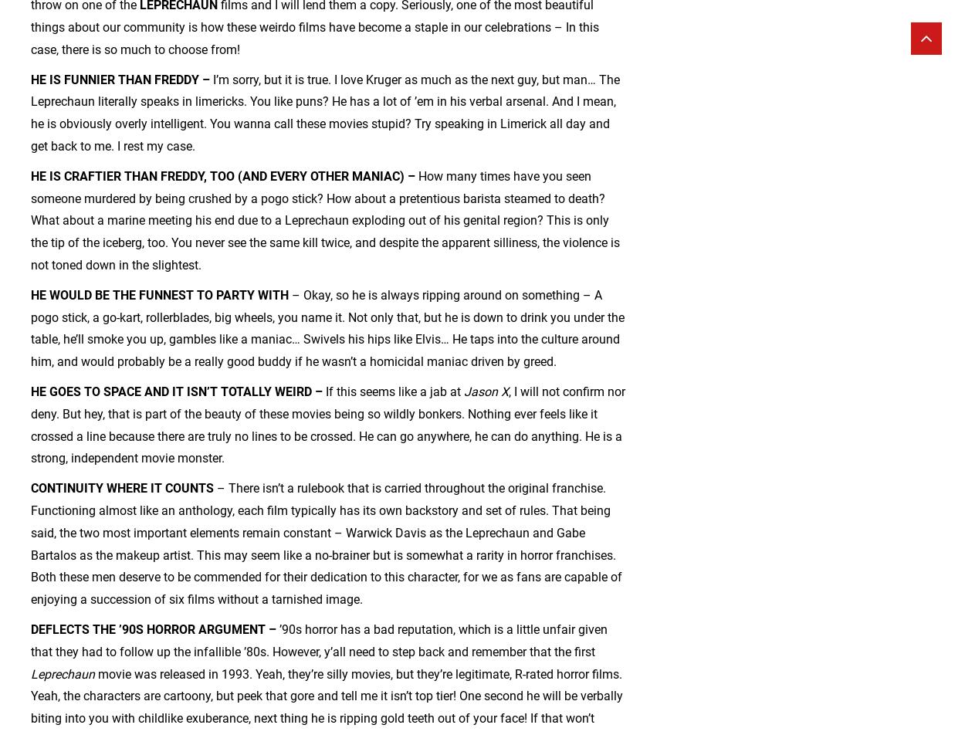  I want to click on '’90s horror has a bad reputation, which is a little unfair given that they had to follow up the infallible ’80s. However, y’all need to step back and remember that the first', so click(319, 640).